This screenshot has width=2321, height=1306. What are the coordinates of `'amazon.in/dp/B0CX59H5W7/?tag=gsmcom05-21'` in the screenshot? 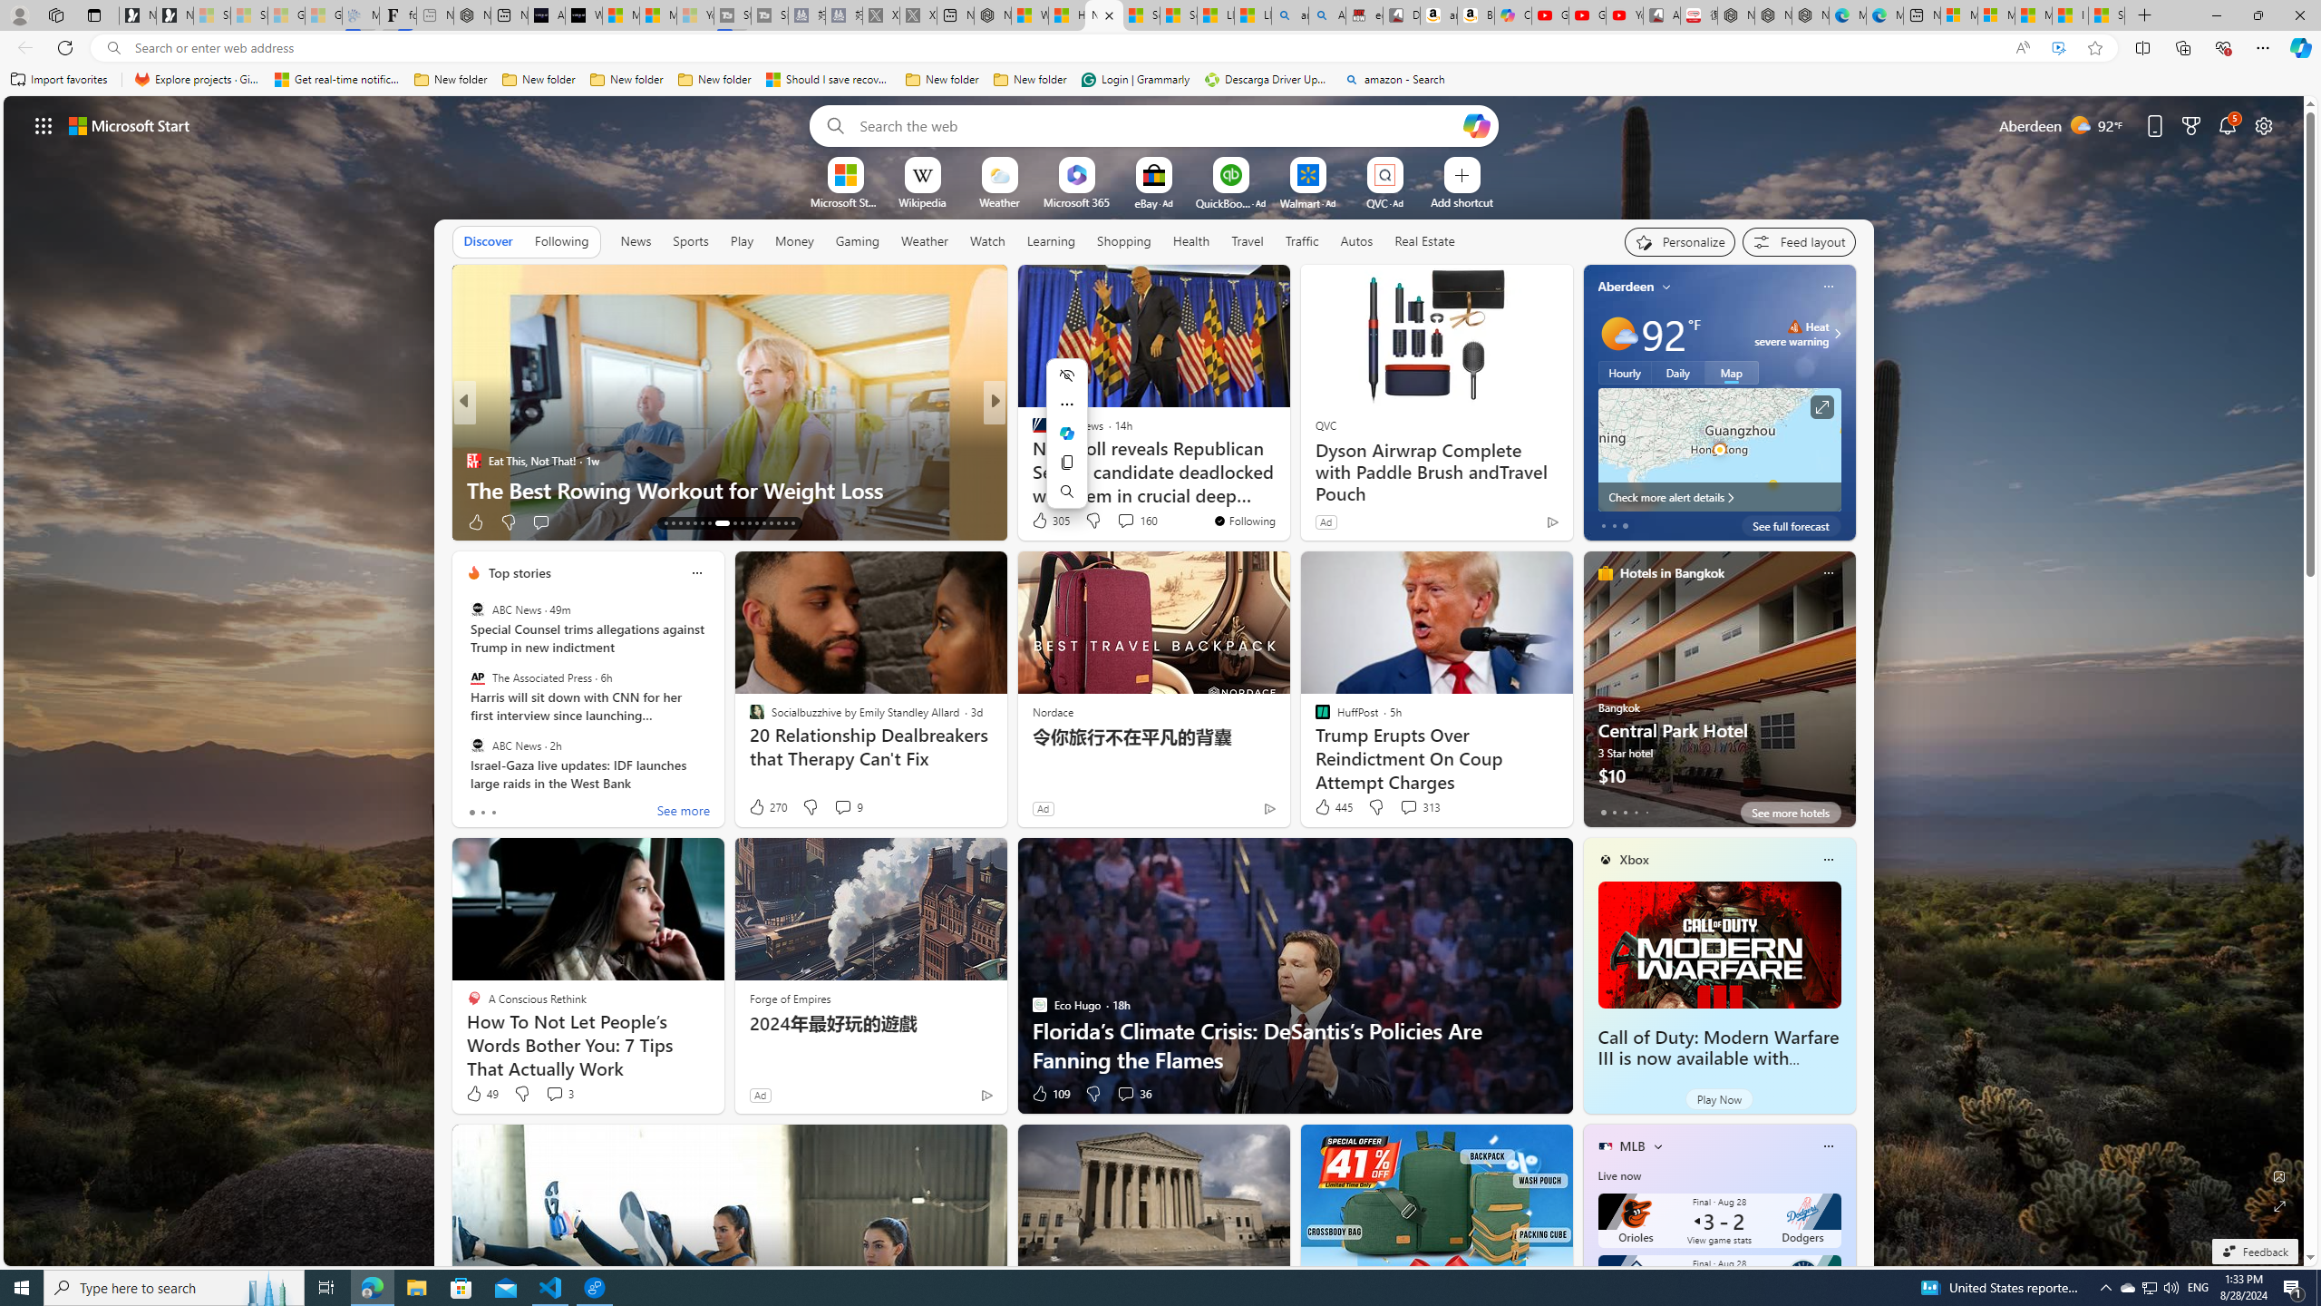 It's located at (1438, 15).